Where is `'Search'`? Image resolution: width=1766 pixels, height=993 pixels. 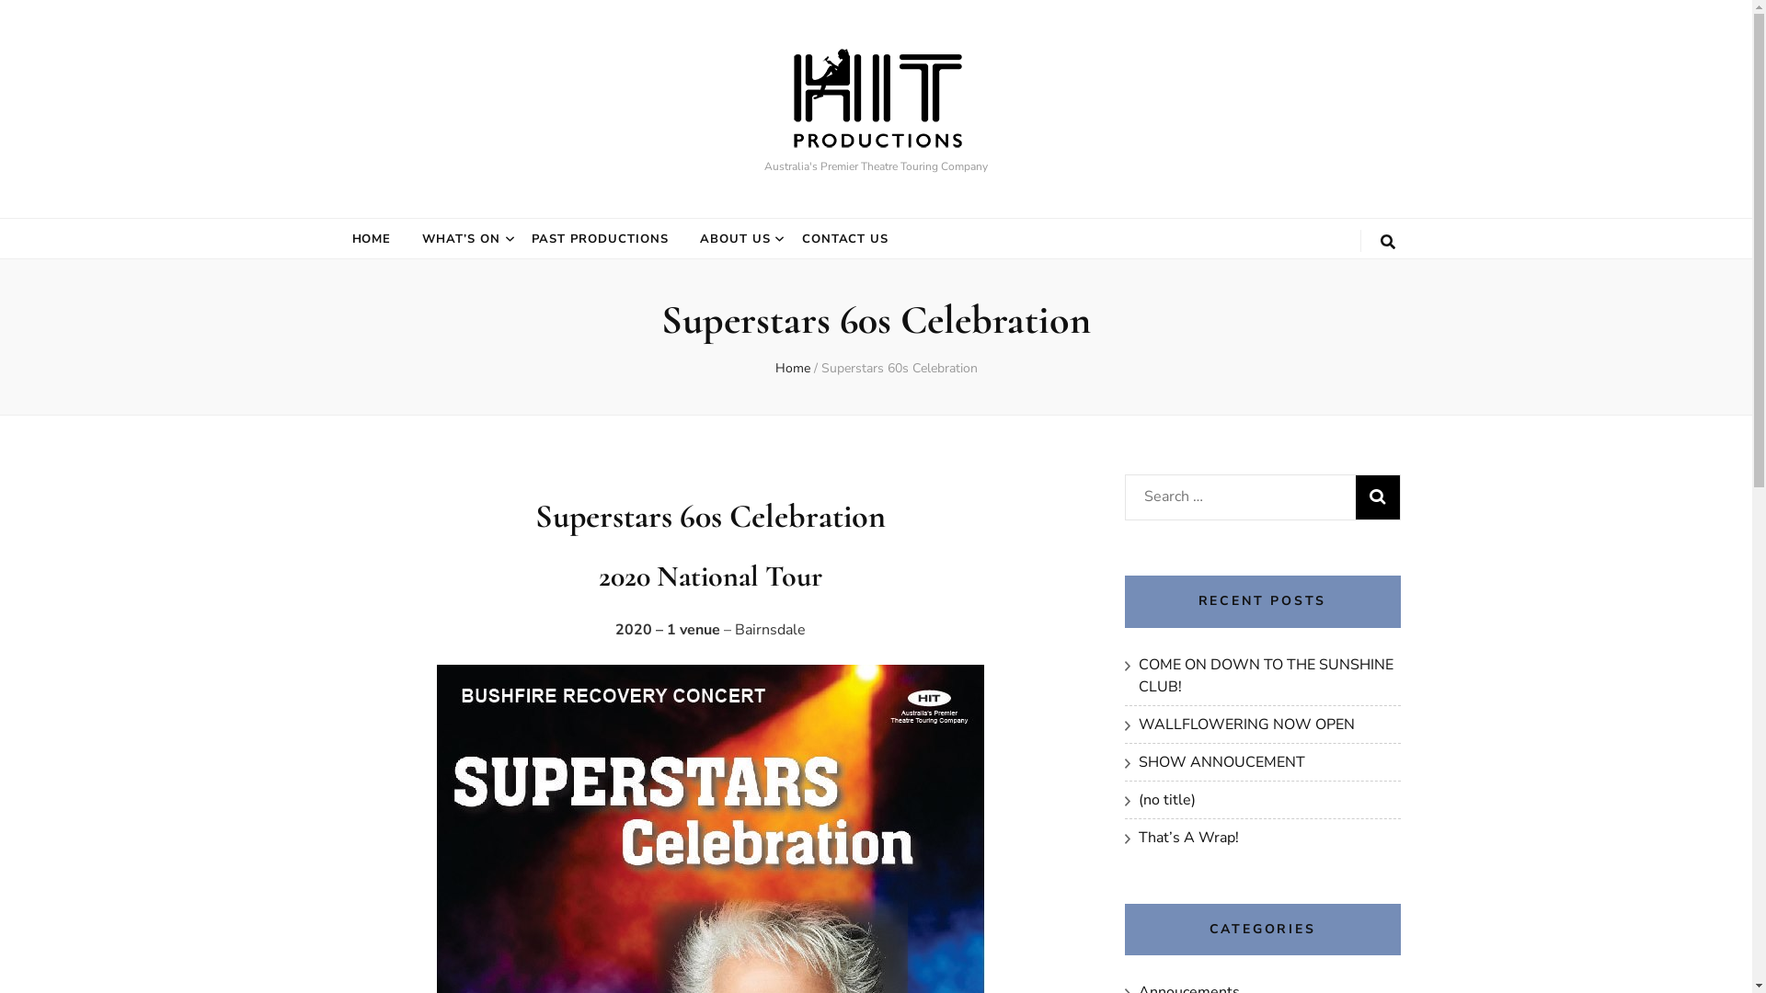 'Search' is located at coordinates (1377, 496).